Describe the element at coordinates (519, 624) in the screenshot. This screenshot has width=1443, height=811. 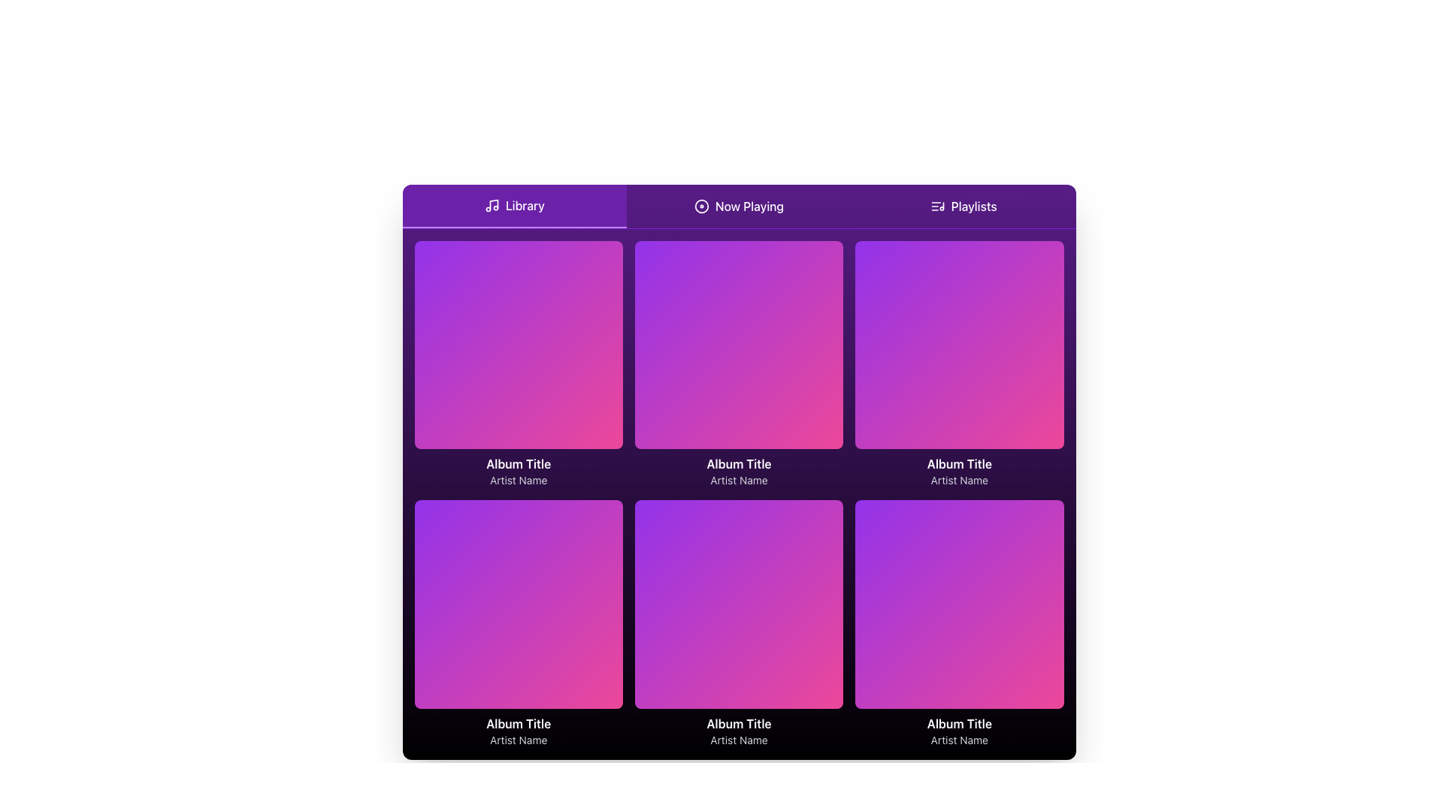
I see `the album card` at that location.